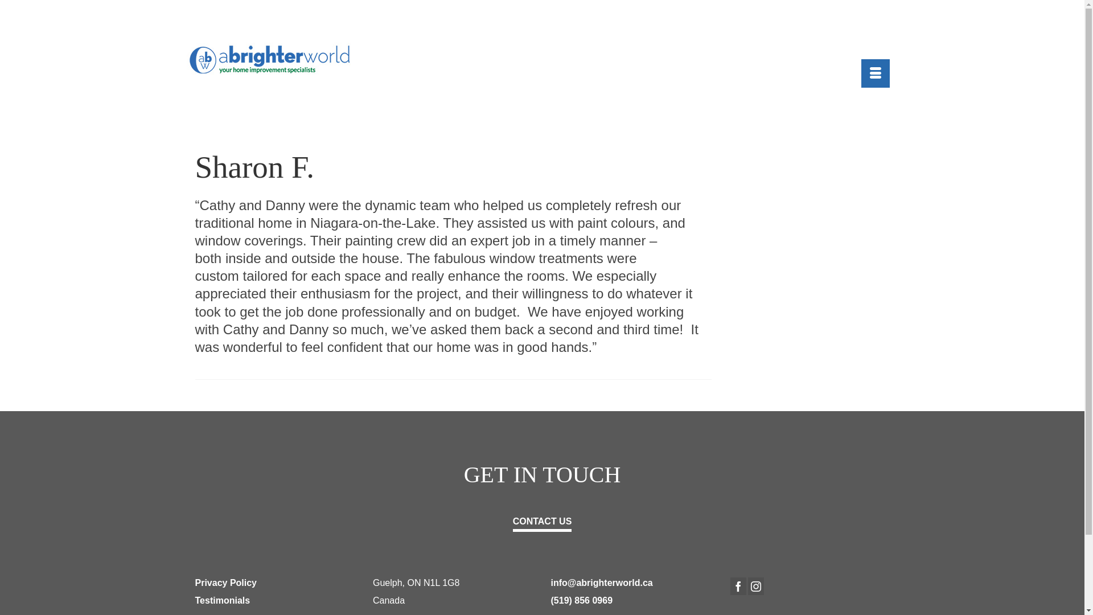 This screenshot has height=615, width=1093. What do you see at coordinates (276, 59) in the screenshot?
I see `'A Brighter World'` at bounding box center [276, 59].